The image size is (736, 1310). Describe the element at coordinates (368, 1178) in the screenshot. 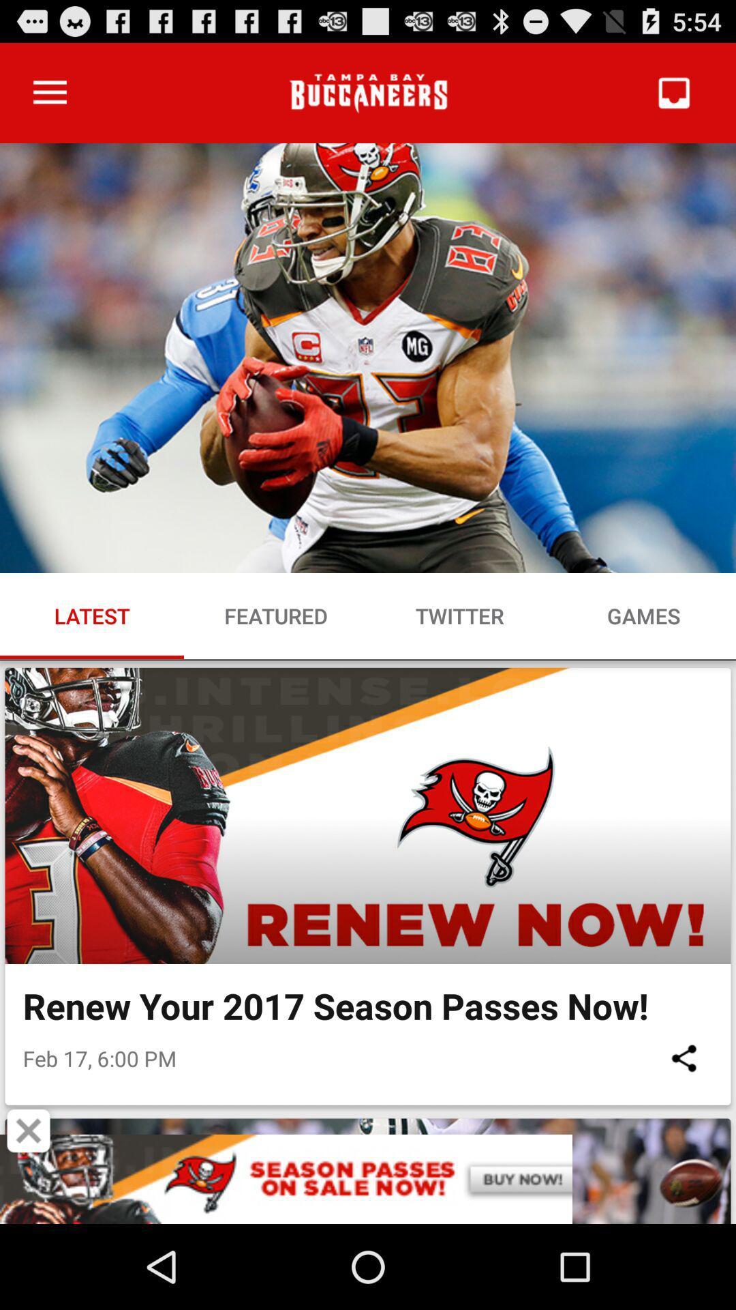

I see `advertisement for season passes` at that location.